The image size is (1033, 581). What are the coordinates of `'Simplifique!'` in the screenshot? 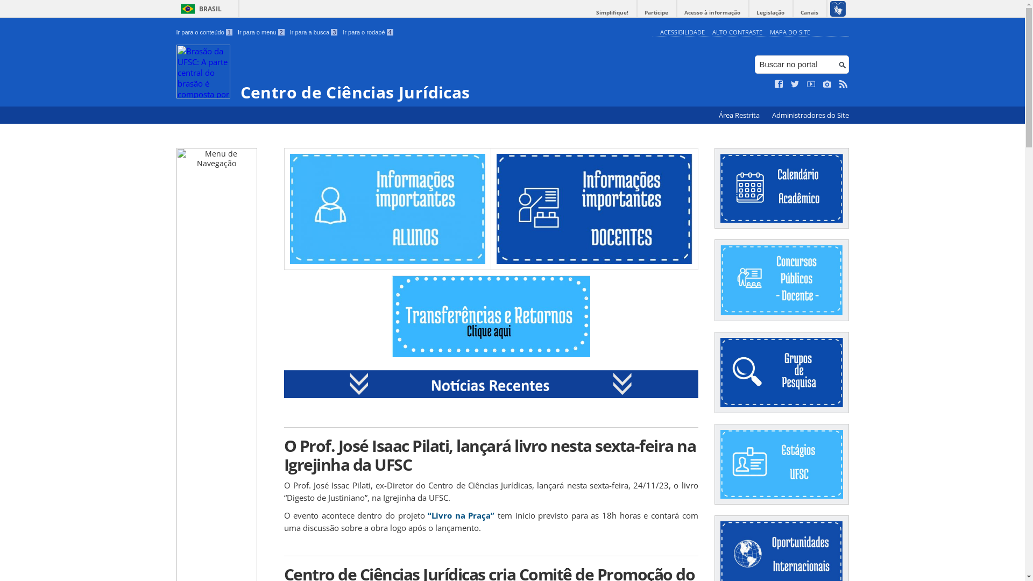 It's located at (612, 12).